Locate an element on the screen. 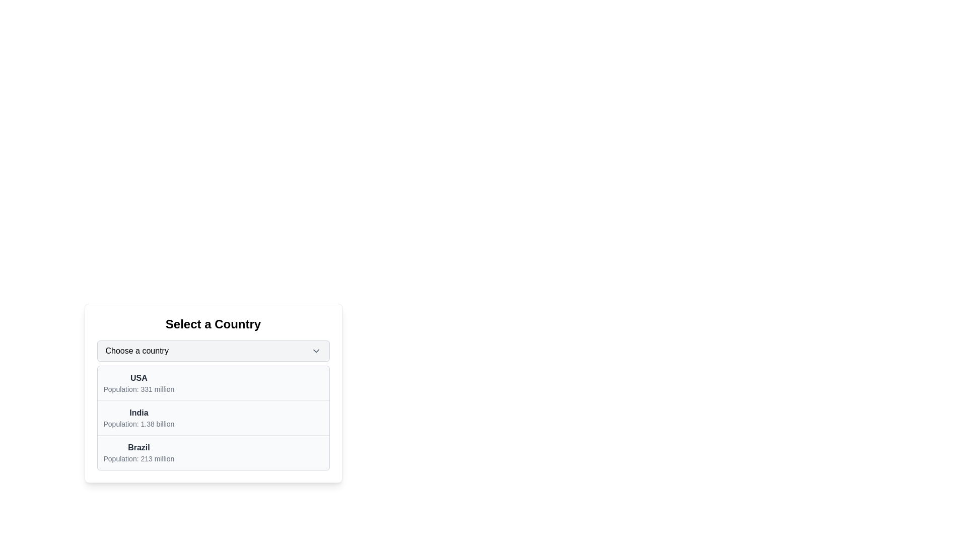 The height and width of the screenshot is (544, 967). text of the Label displaying 'Population: 1.38 billion' located beneath the 'India' label in a dropdown-style interface is located at coordinates (138, 424).